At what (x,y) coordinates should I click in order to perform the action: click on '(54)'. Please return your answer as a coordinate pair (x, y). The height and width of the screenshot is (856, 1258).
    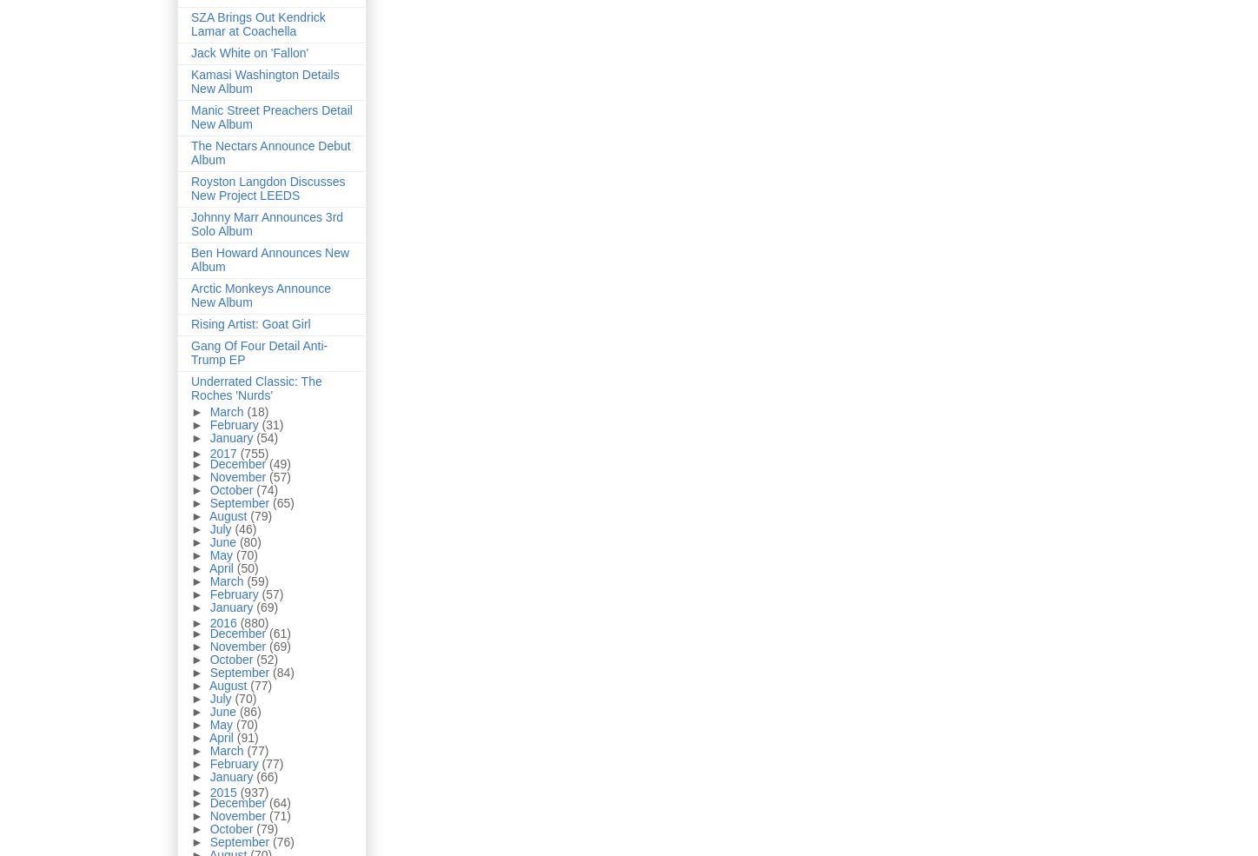
    Looking at the image, I should click on (266, 437).